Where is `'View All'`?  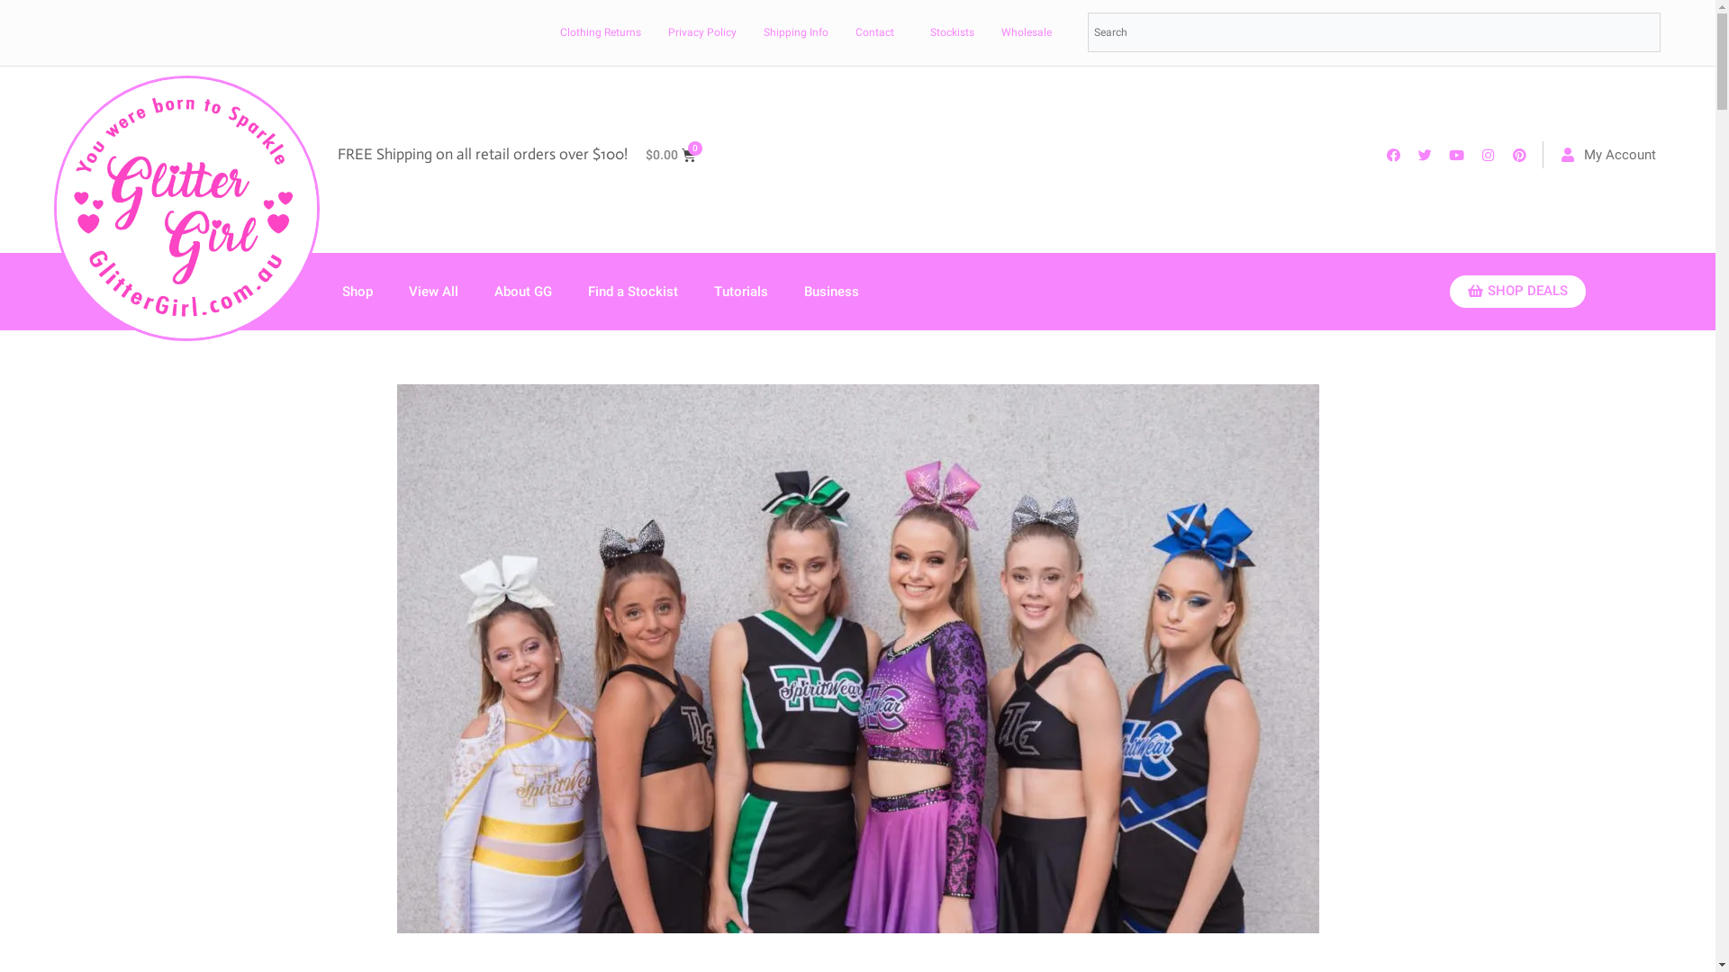 'View All' is located at coordinates (389, 291).